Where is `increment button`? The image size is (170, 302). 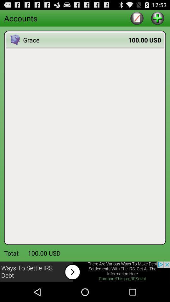 increment button is located at coordinates (157, 18).